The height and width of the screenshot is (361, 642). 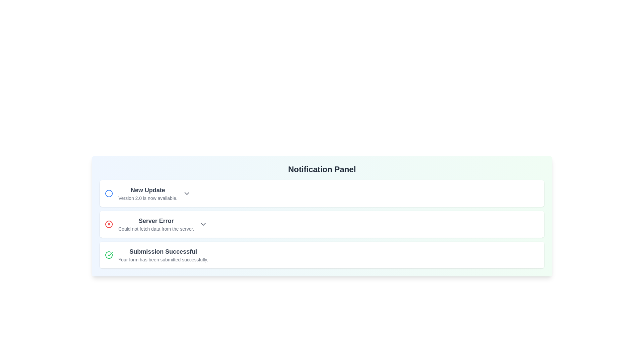 I want to click on the information icon located within the SVG component to the left of the list item labeled 'New Update', so click(x=109, y=193).